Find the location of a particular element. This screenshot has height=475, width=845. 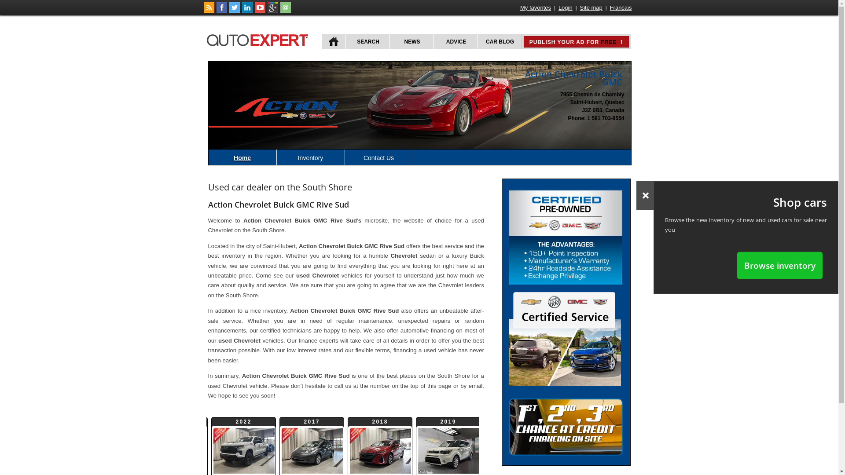

'Follow autoExpert.ca on Twitter' is located at coordinates (228, 11).